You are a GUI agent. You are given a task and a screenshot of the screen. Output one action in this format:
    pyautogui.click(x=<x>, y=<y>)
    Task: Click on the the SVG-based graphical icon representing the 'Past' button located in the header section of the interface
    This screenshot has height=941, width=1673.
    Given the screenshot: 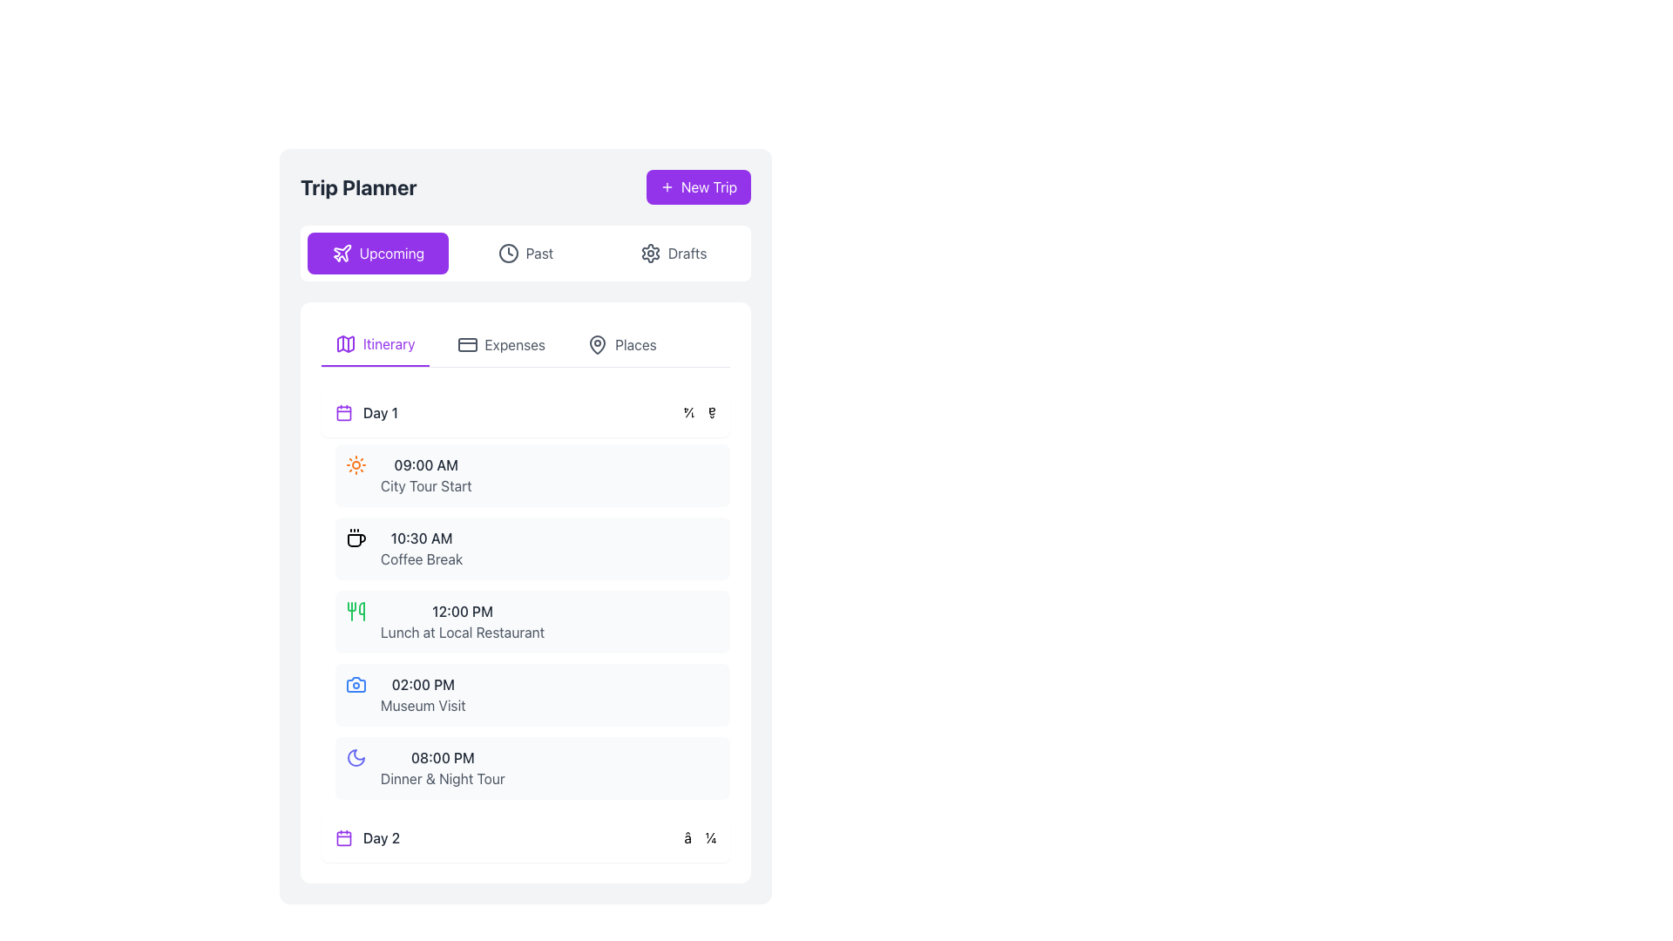 What is the action you would take?
    pyautogui.click(x=507, y=253)
    